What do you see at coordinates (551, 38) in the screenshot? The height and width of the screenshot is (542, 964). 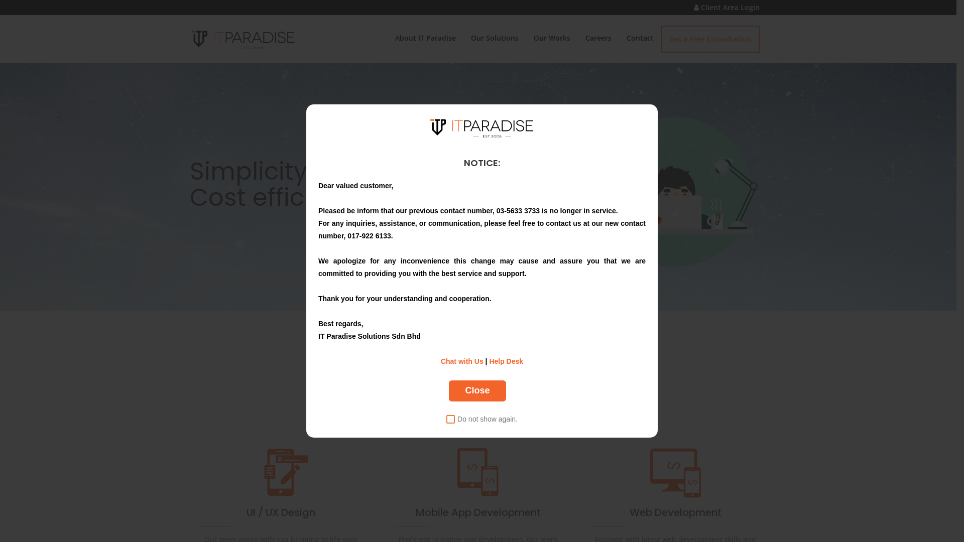 I see `'Our Works'` at bounding box center [551, 38].